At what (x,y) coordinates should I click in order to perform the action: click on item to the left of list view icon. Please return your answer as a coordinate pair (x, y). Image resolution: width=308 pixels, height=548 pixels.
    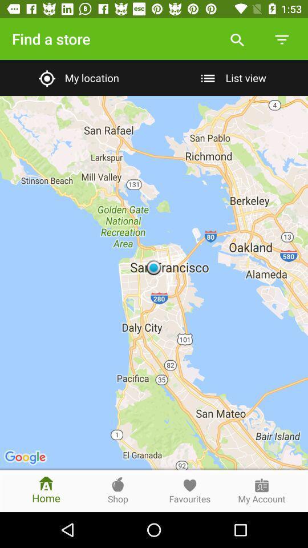
    Looking at the image, I should click on (77, 77).